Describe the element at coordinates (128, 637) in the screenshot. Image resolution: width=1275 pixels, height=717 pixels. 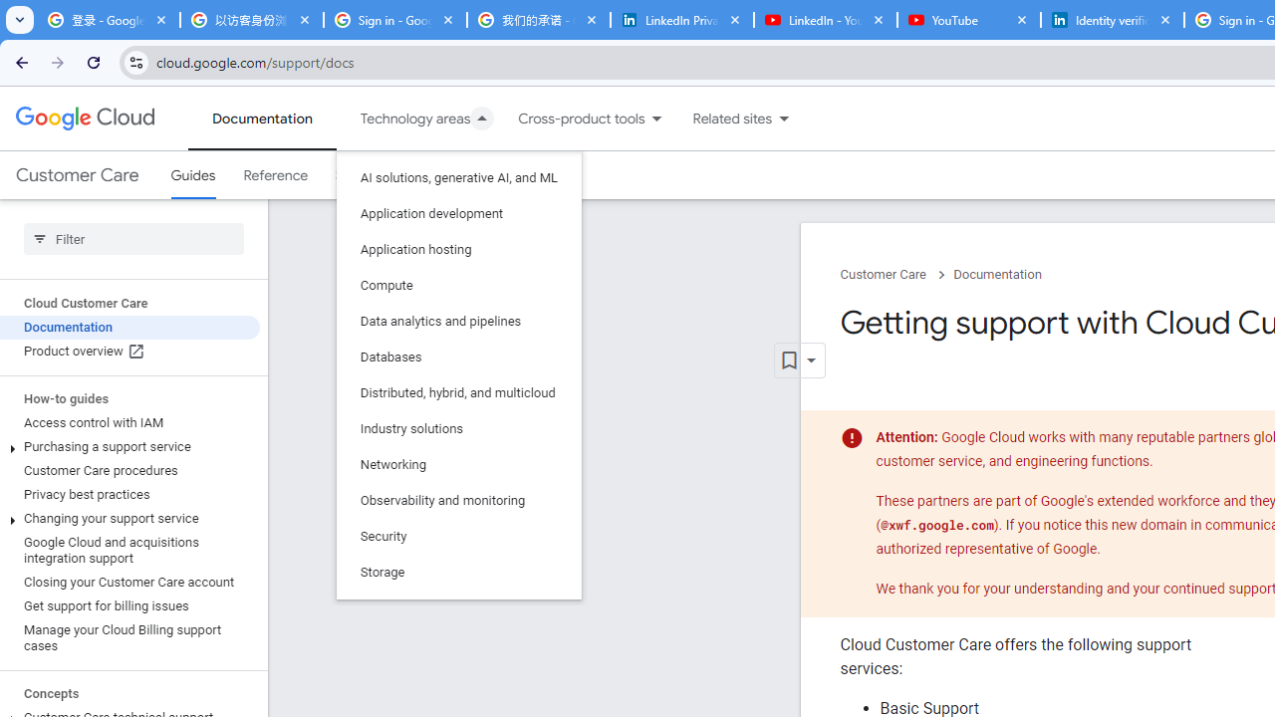
I see `'Manage your Cloud Billing support cases'` at that location.